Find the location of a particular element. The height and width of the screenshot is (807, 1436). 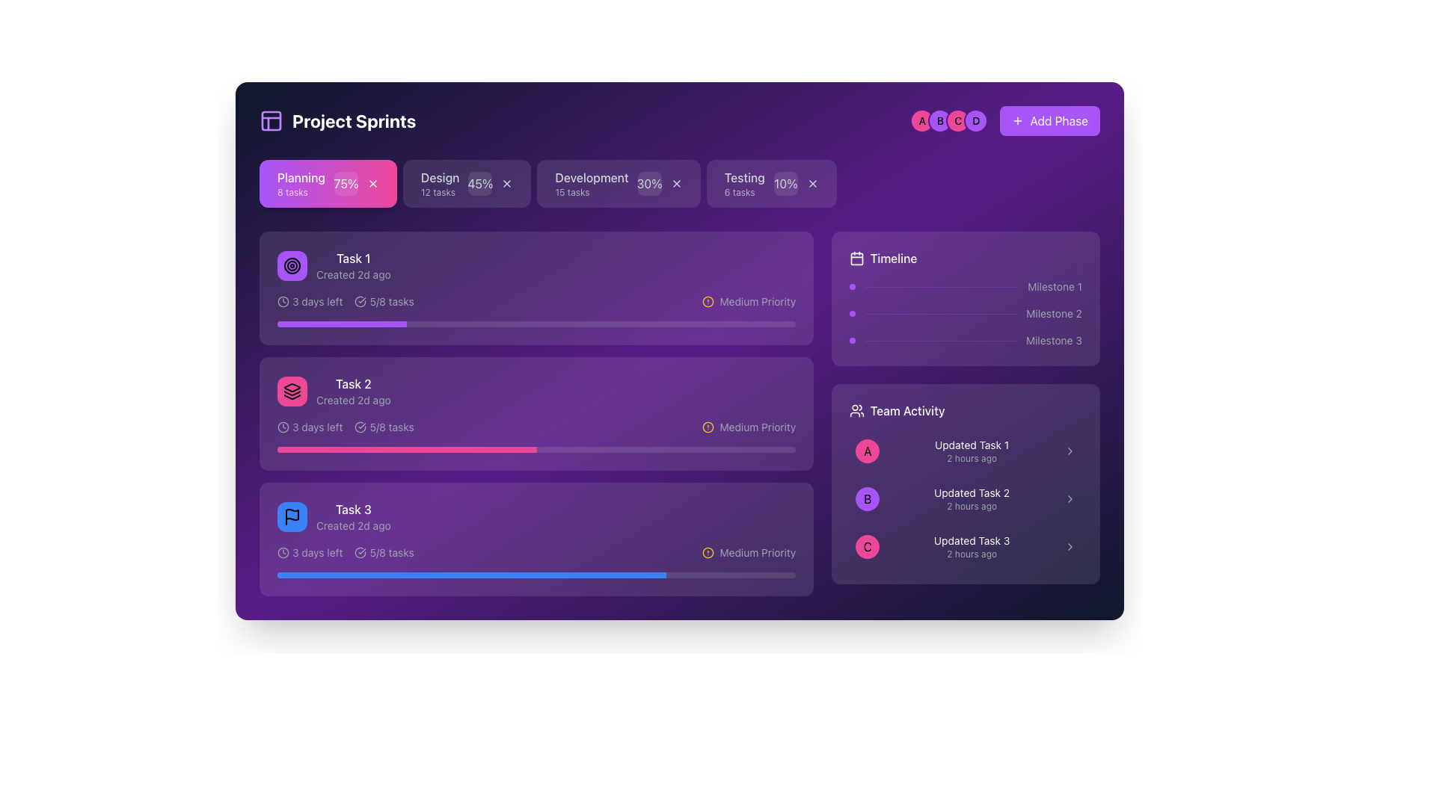

progress information displayed next to the '3 days left' label in the second task card, indicating that 5 out of 8 subtasks are completed is located at coordinates (384, 427).